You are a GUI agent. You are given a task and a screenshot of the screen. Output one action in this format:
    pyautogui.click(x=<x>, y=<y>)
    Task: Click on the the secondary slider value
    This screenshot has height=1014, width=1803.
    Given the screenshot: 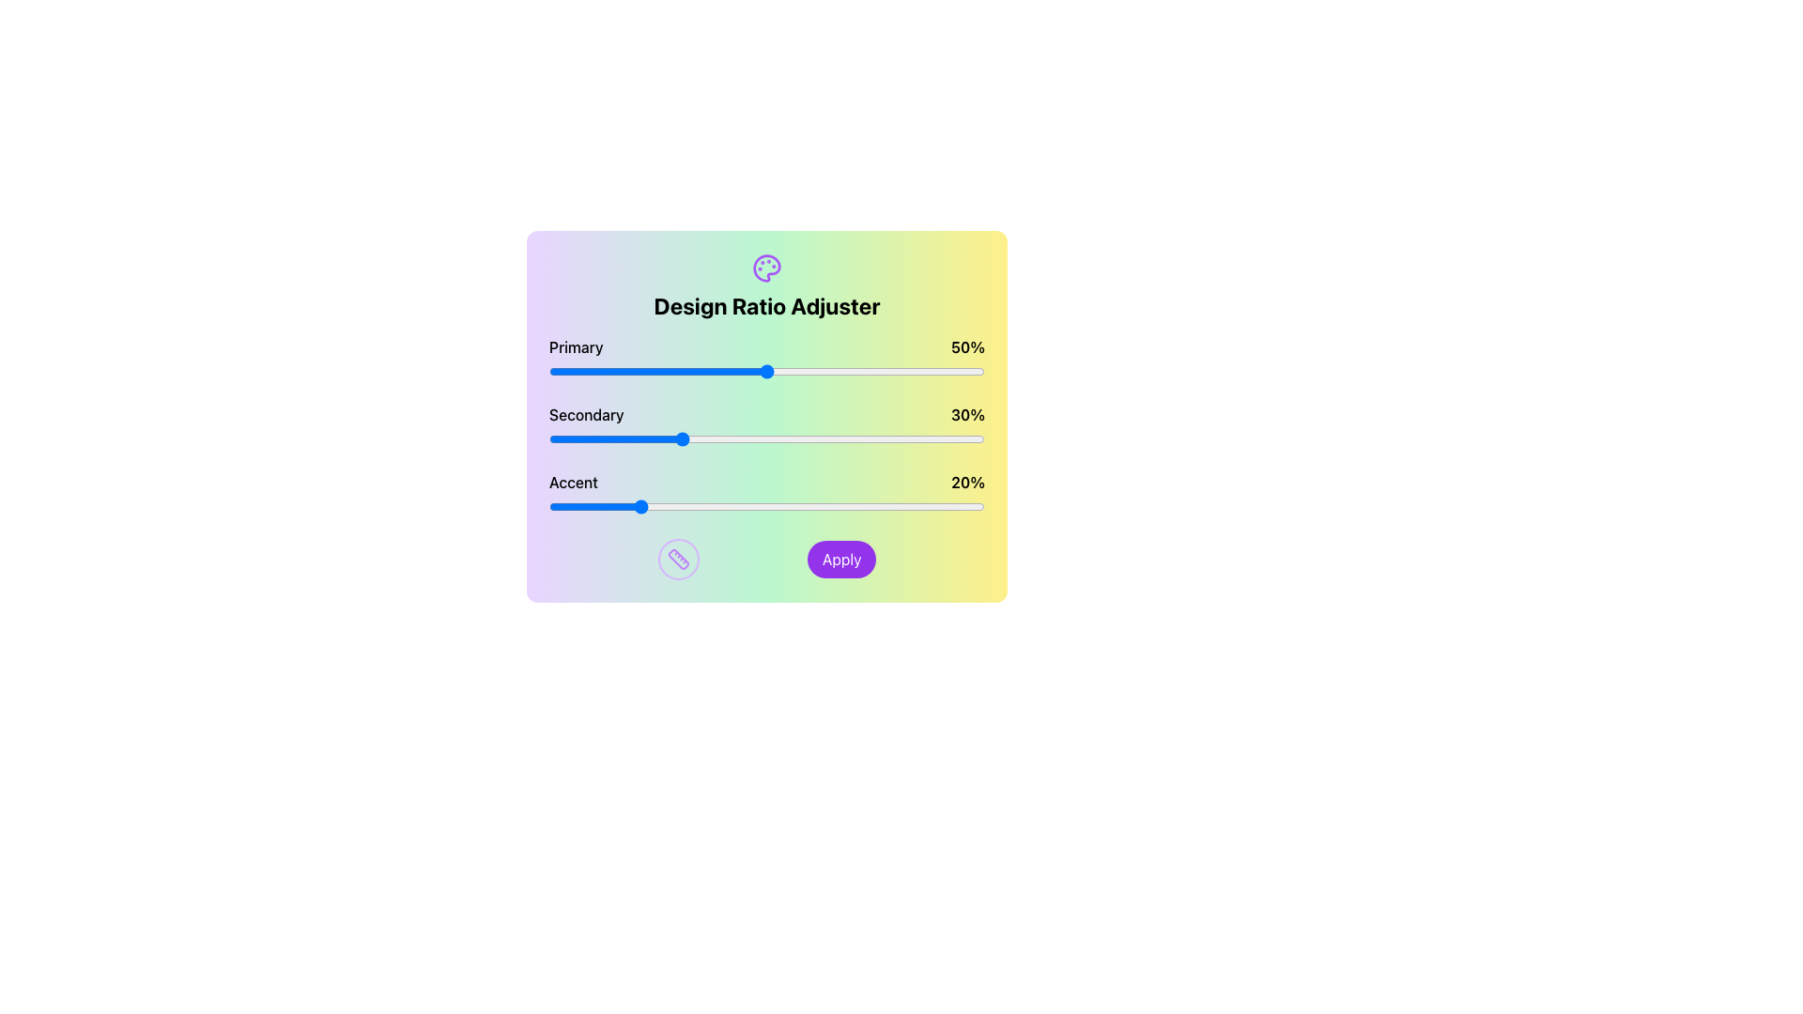 What is the action you would take?
    pyautogui.click(x=657, y=438)
    